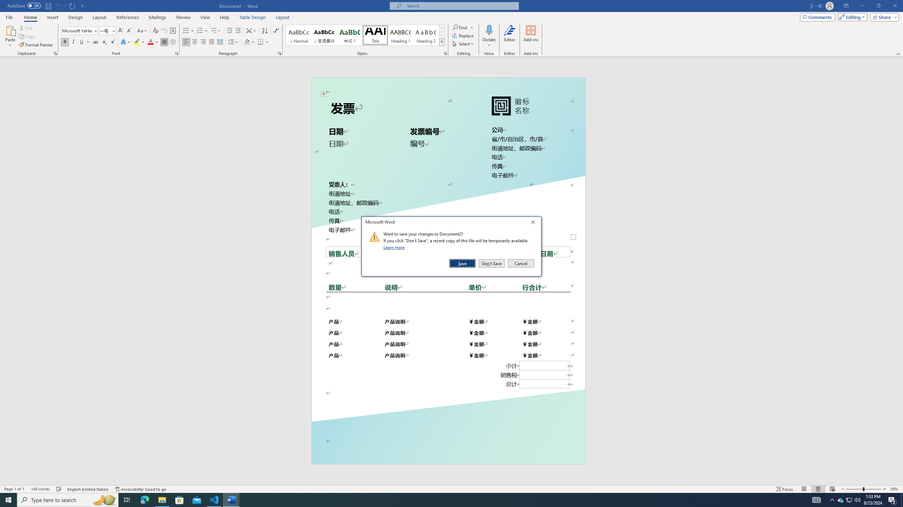  I want to click on 'File Explorer - 1 running window', so click(162, 499).